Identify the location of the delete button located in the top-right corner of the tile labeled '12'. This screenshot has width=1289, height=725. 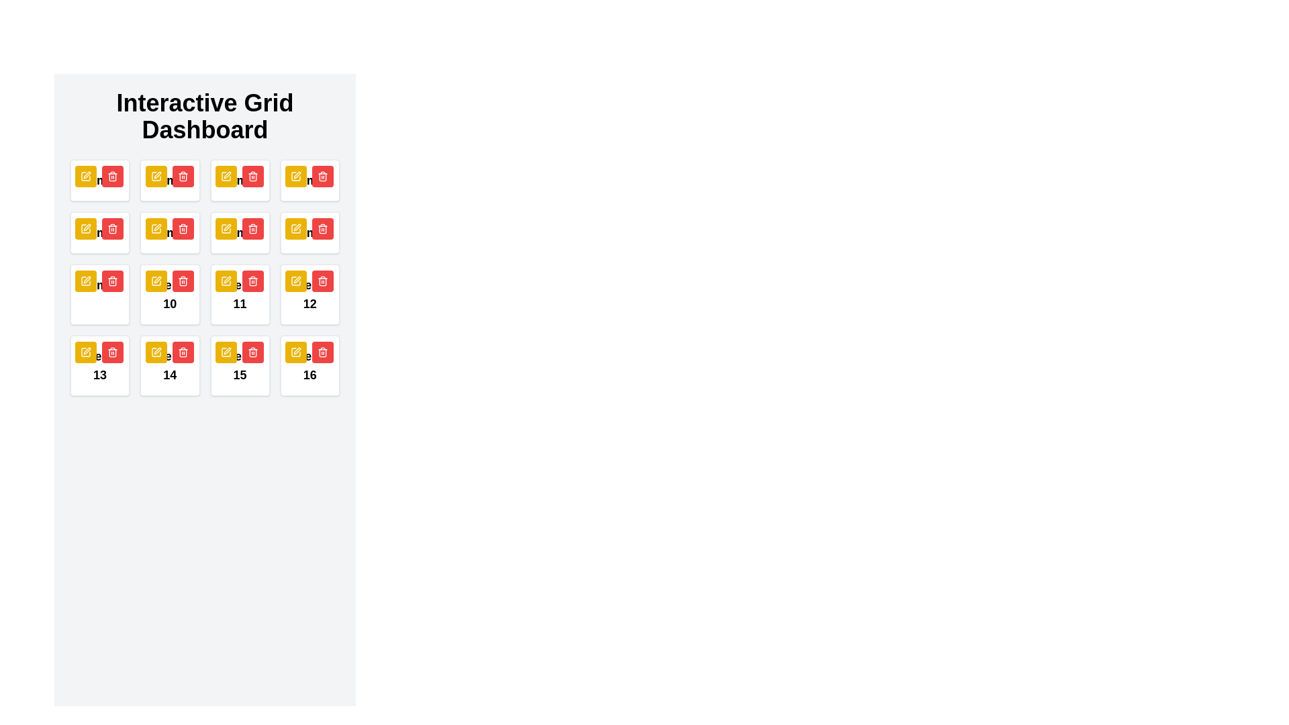
(322, 281).